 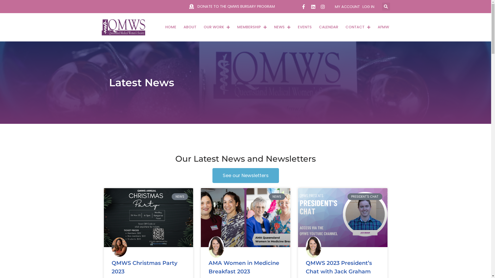 What do you see at coordinates (144, 267) in the screenshot?
I see `'QMWS Christmas Party 2023'` at bounding box center [144, 267].